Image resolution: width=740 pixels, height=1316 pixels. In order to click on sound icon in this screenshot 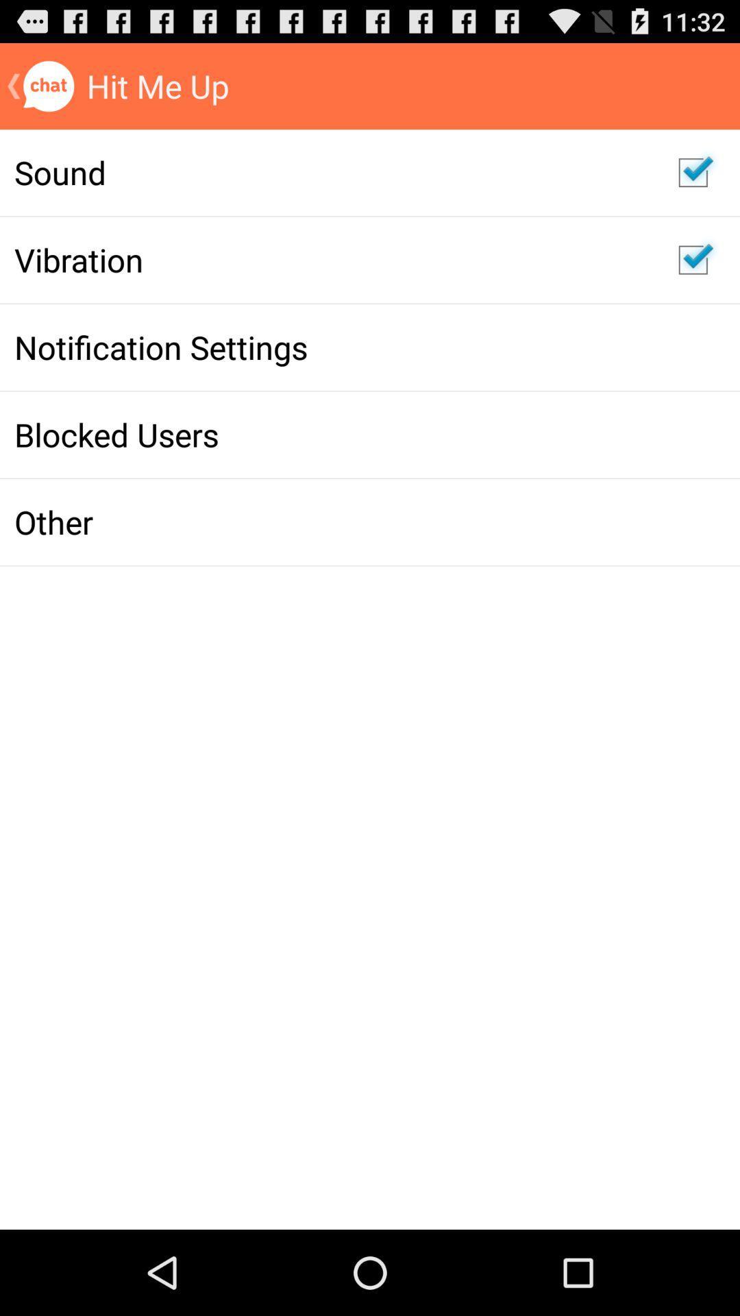, I will do `click(332, 171)`.